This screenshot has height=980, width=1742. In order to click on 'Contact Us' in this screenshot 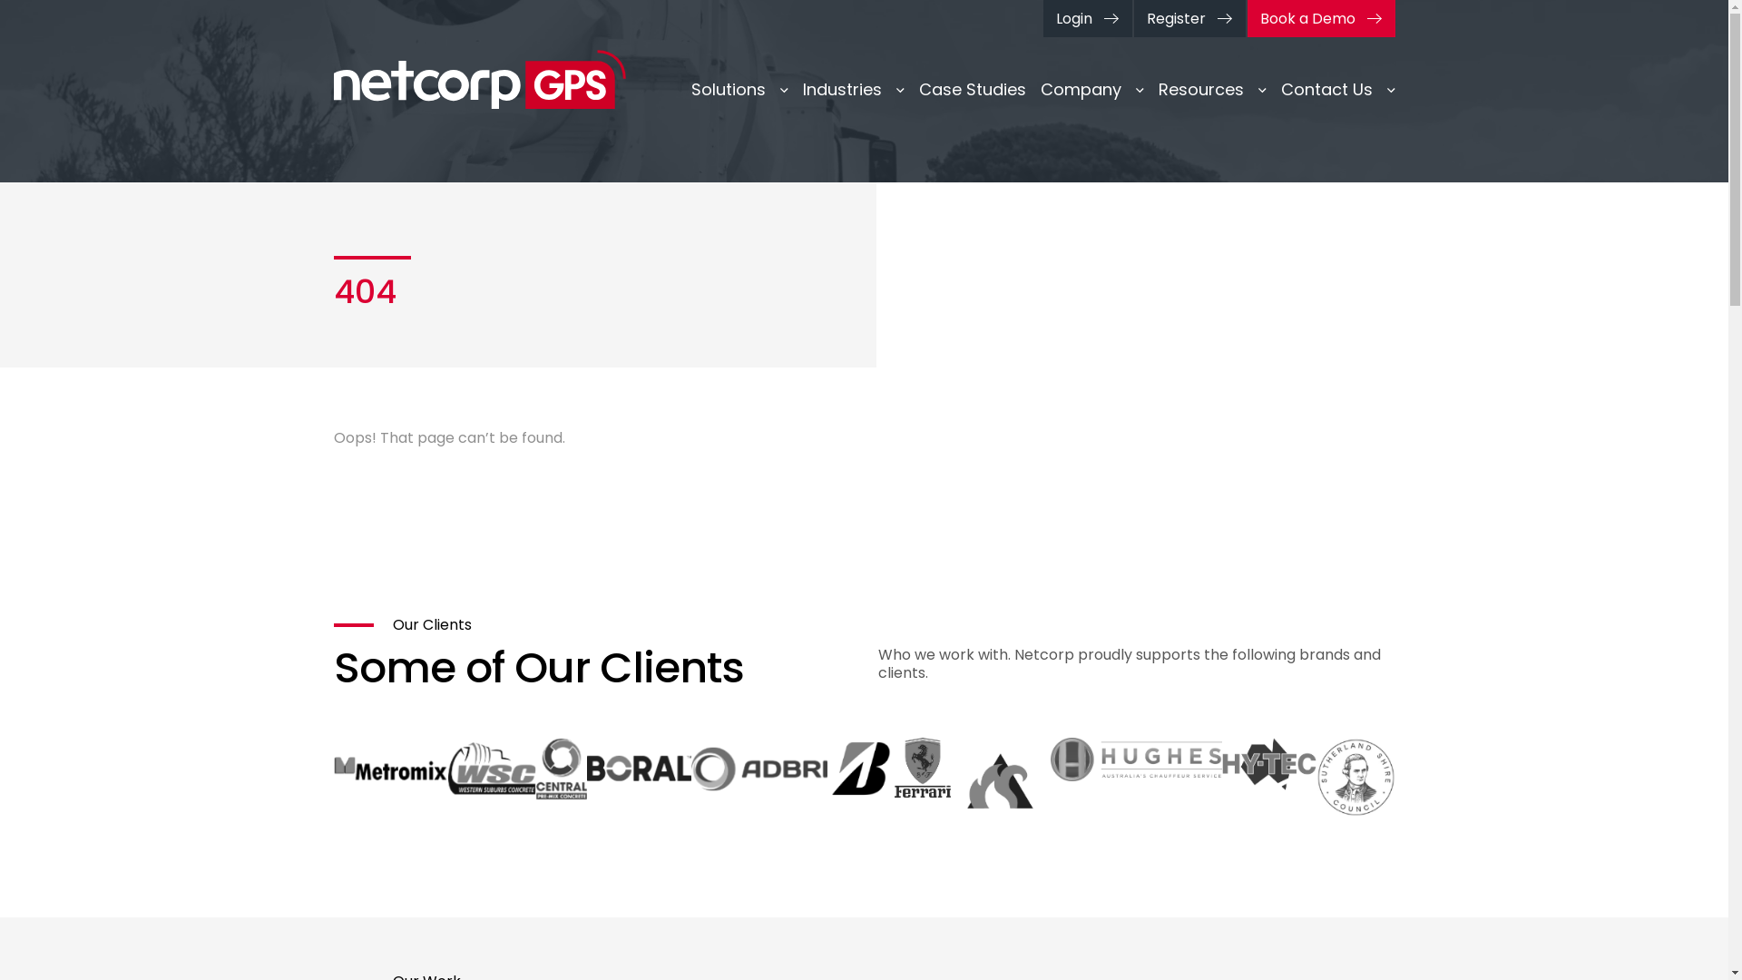, I will do `click(1337, 90)`.